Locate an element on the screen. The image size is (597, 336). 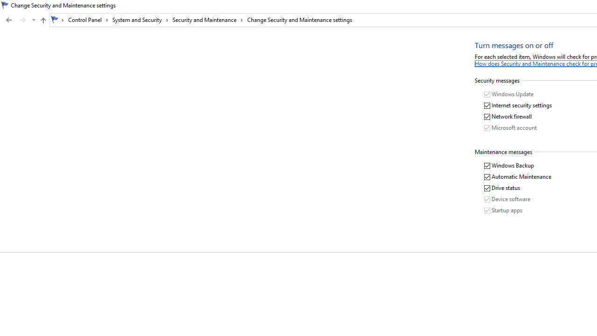
'System' is located at coordinates (5, 5).